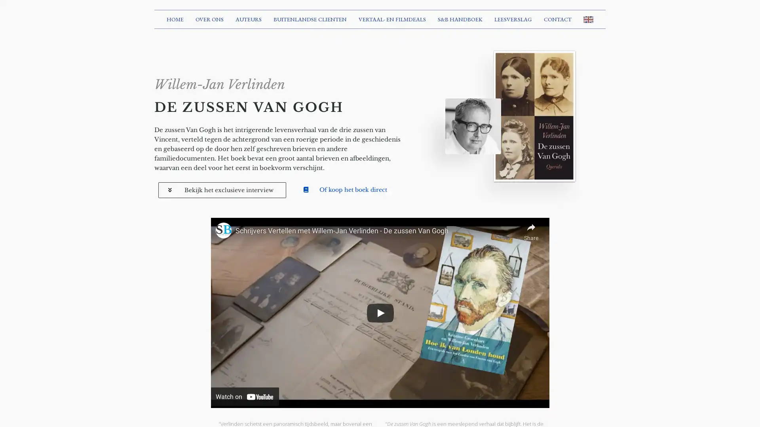 The width and height of the screenshot is (760, 427). I want to click on Of koop het boek direct, so click(346, 189).